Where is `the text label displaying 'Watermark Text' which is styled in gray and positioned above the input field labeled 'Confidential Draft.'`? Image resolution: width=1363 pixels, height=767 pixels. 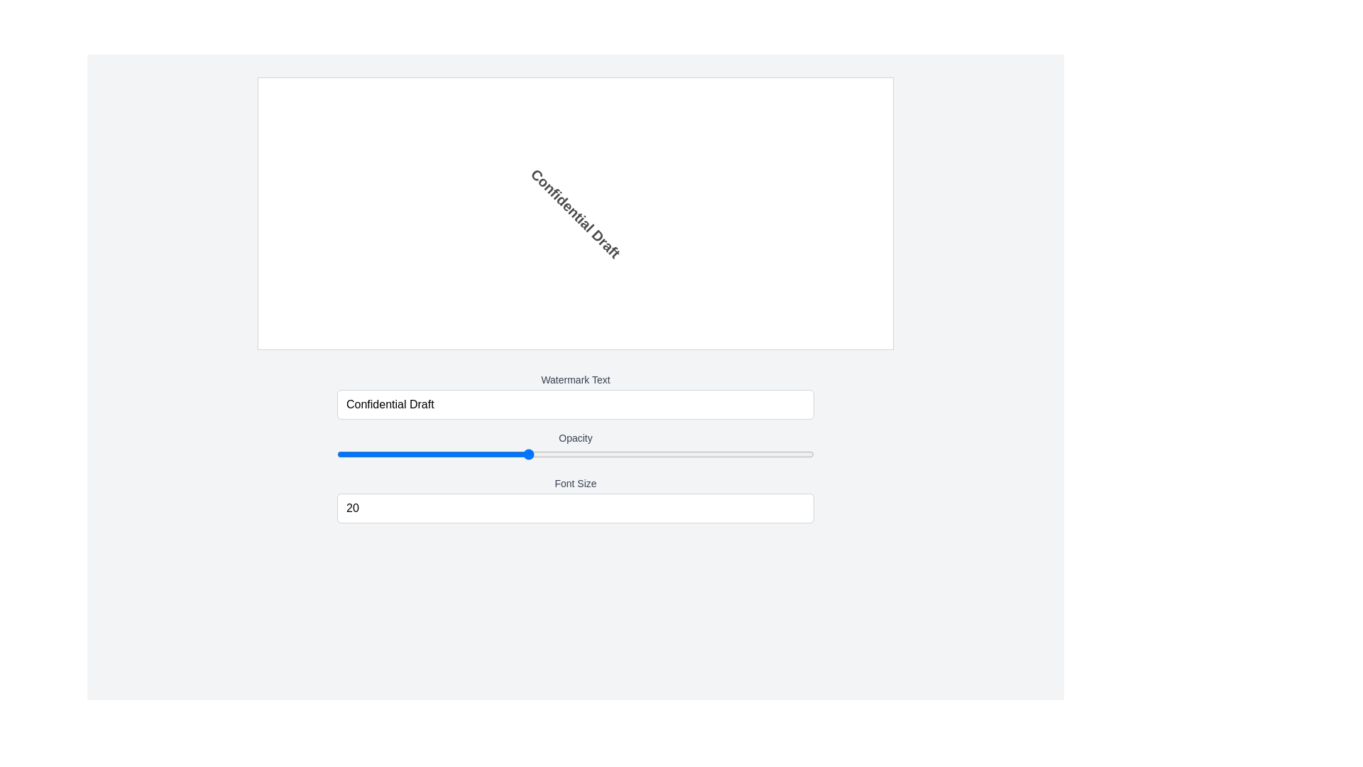 the text label displaying 'Watermark Text' which is styled in gray and positioned above the input field labeled 'Confidential Draft.' is located at coordinates (576, 379).